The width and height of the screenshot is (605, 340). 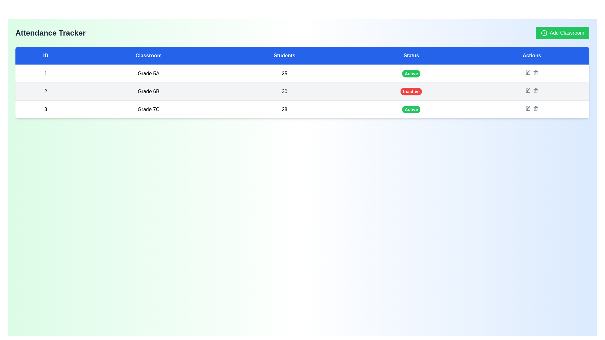 I want to click on the Static text header labeled 'ID', which is the first column in a blue background header row at the top of a table layout, so click(x=45, y=55).